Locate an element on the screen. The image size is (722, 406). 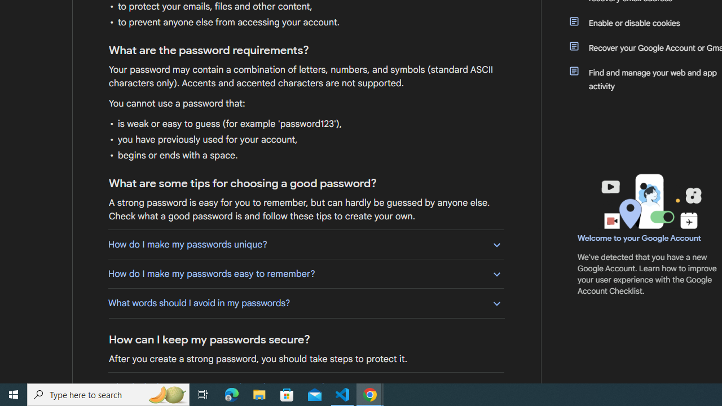
'How do I make my passwords unique?' is located at coordinates (306, 244).